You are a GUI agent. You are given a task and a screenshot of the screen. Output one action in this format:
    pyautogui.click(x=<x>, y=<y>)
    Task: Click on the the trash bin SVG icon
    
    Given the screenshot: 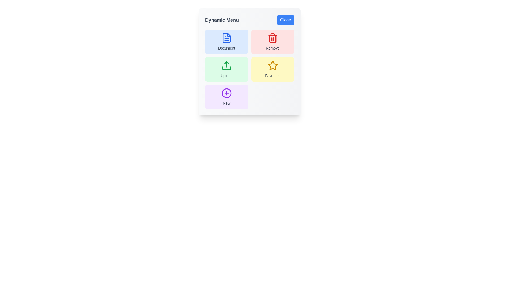 What is the action you would take?
    pyautogui.click(x=273, y=38)
    